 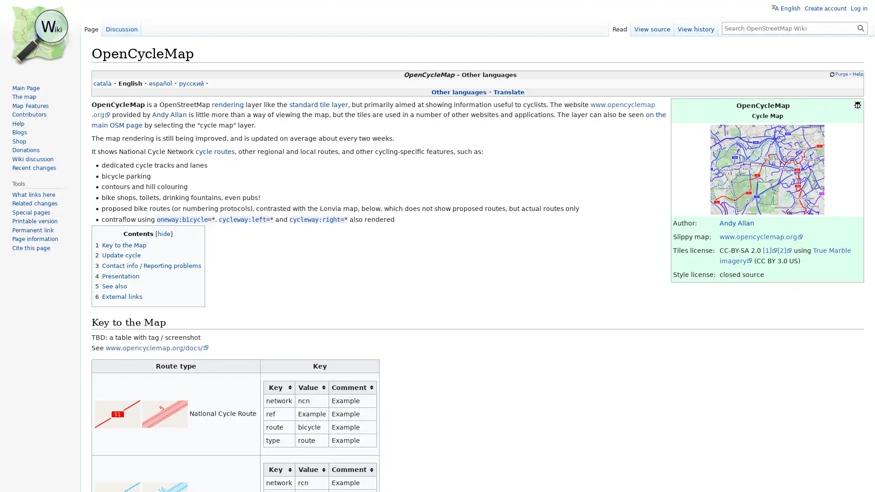 I want to click on Go, so click(x=860, y=27).